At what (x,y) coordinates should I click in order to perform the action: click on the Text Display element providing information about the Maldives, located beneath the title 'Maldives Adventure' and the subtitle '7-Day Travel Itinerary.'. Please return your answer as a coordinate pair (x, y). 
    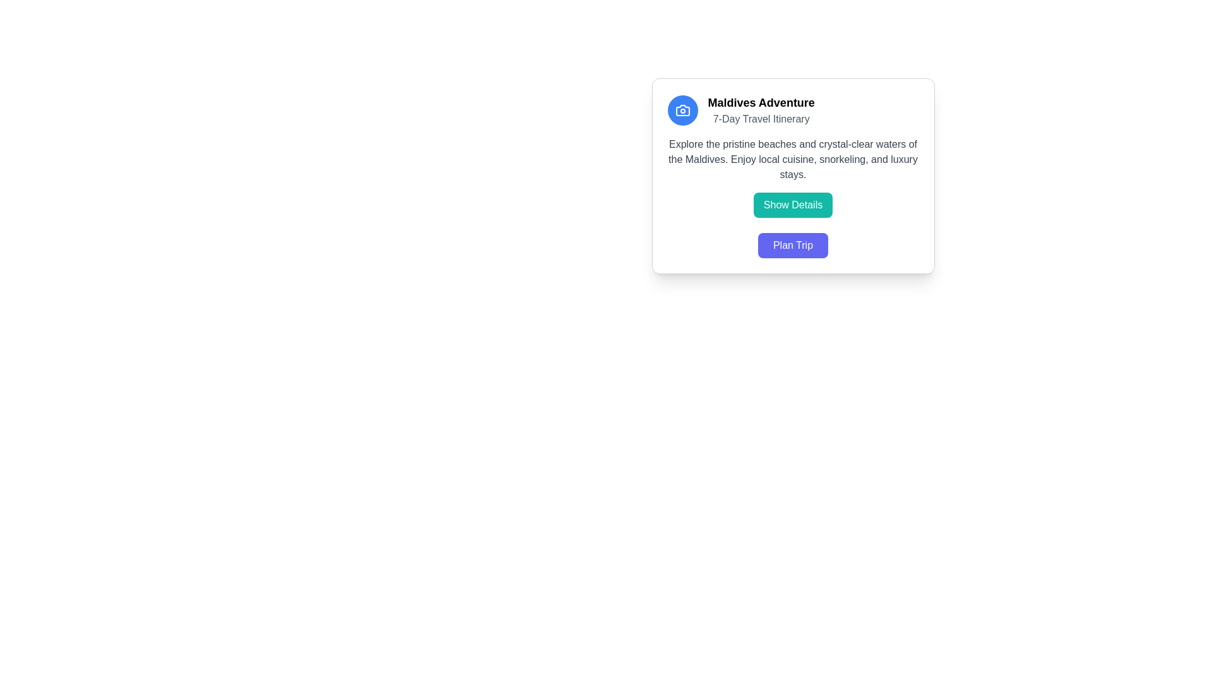
    Looking at the image, I should click on (792, 159).